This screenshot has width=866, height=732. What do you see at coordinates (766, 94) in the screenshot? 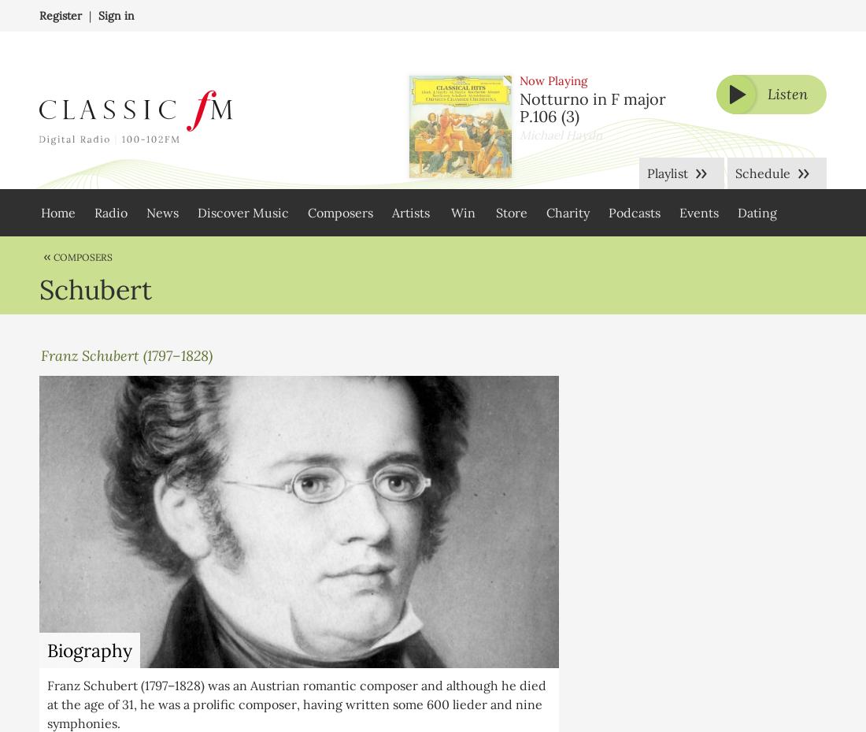
I see `'Listen'` at bounding box center [766, 94].